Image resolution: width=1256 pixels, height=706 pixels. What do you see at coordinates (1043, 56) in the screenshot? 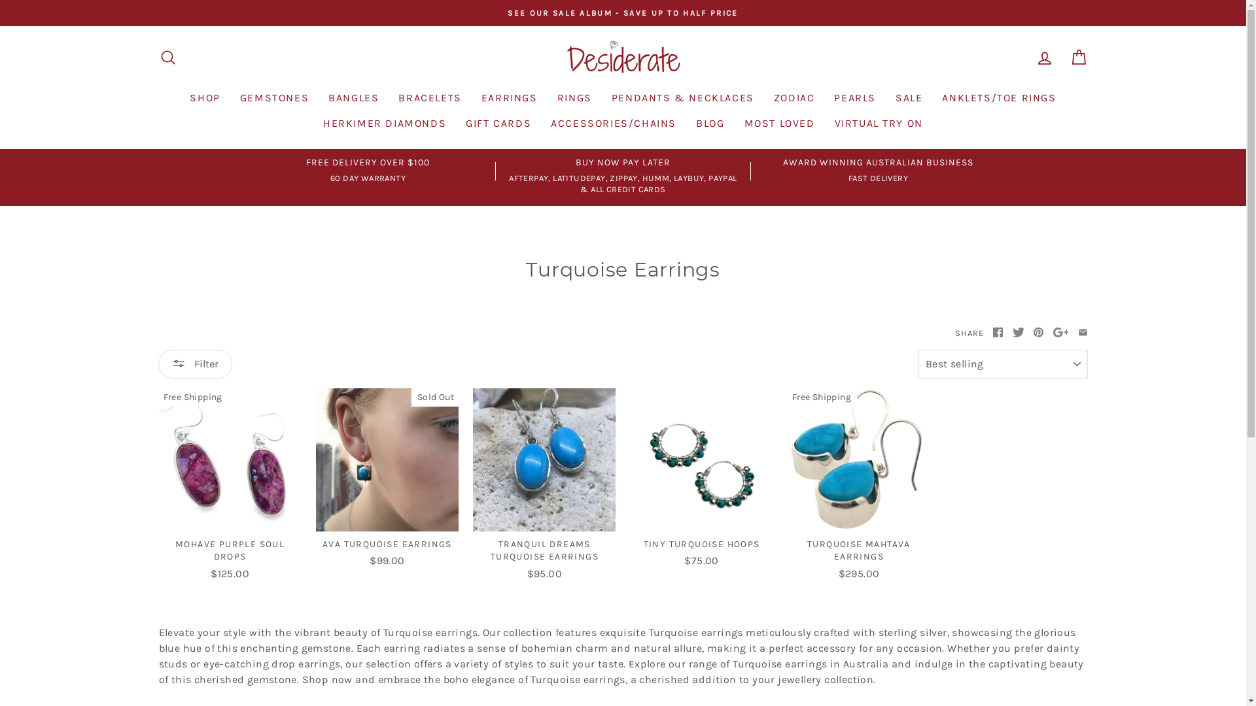
I see `'LOG IN'` at bounding box center [1043, 56].